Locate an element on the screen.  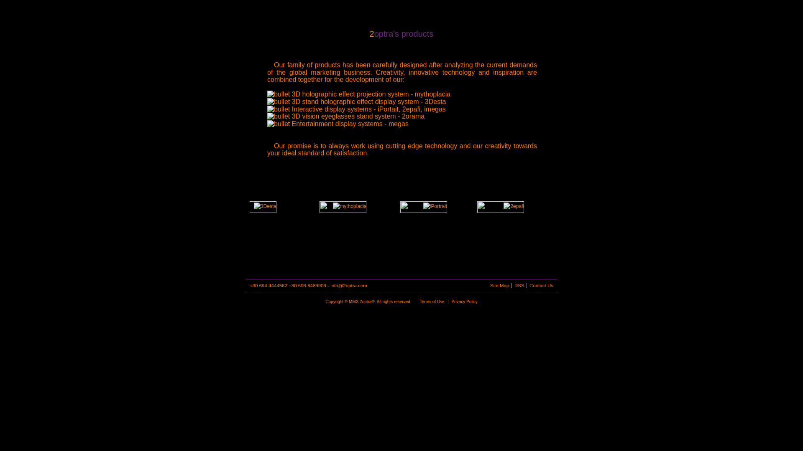
'Site Map' is located at coordinates (498, 285).